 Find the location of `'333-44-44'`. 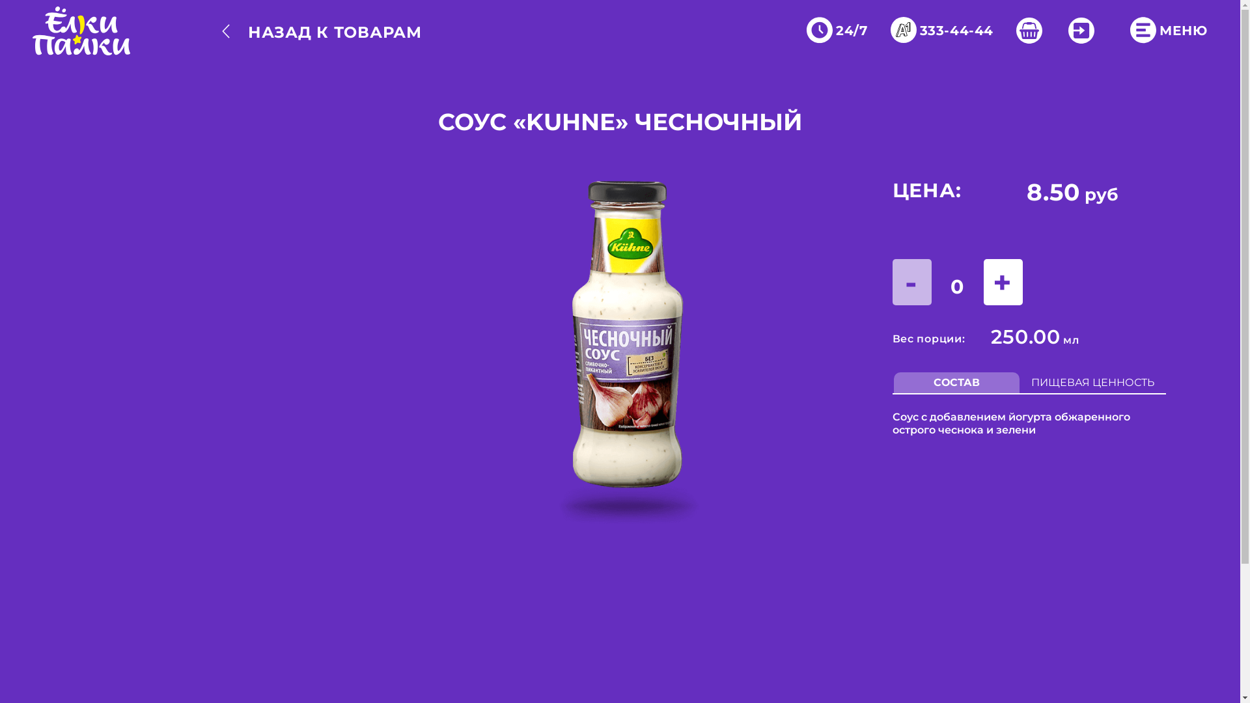

'333-44-44' is located at coordinates (945, 30).